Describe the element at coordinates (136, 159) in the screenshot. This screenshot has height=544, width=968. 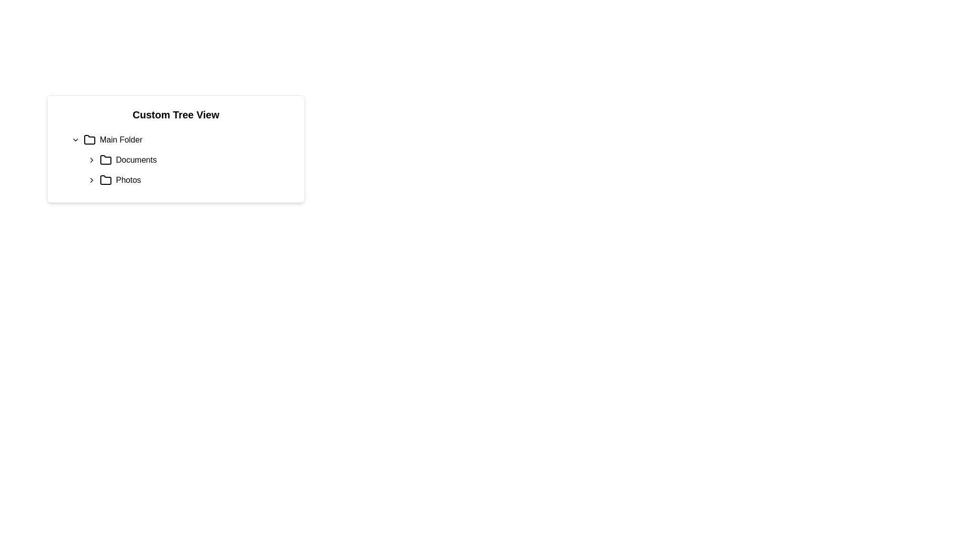
I see `the static text label for the folder named 'Documents' in the file navigation tree view, which is positioned between 'Main Folder' and 'Photos'` at that location.